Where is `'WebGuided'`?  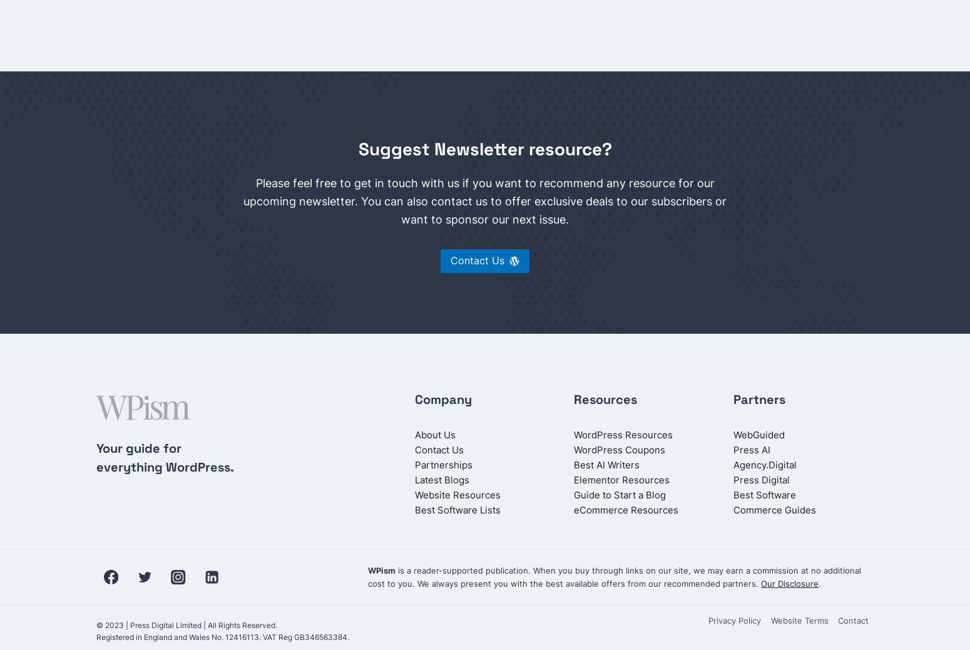
'WebGuided' is located at coordinates (733, 434).